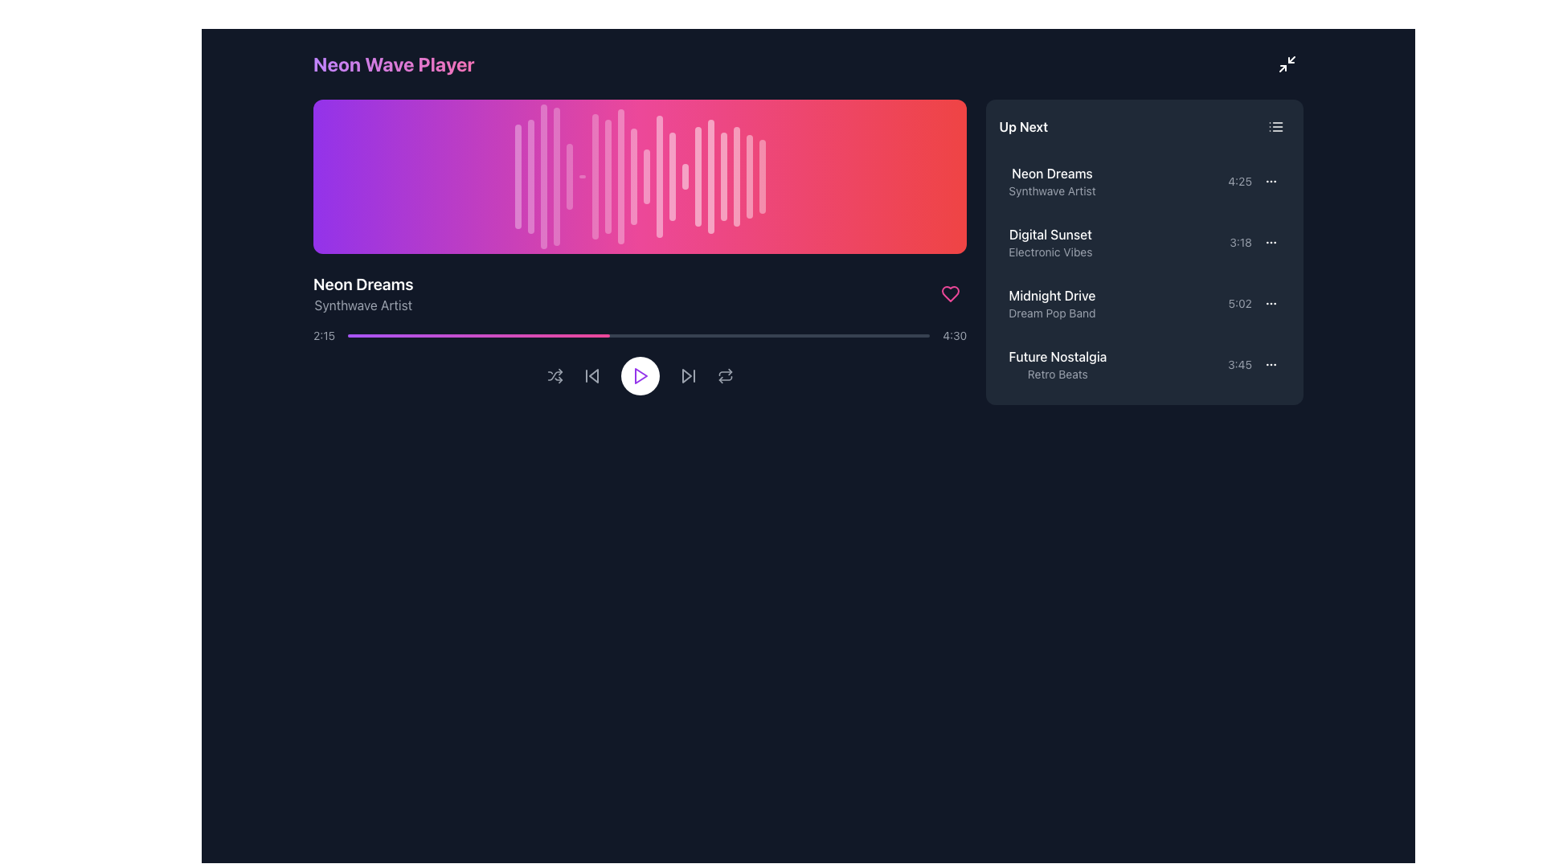 The width and height of the screenshot is (1543, 868). I want to click on the playlist entry text element labeled 'Future Nostalgia' with the artist 'Retro Beats', so click(1058, 365).